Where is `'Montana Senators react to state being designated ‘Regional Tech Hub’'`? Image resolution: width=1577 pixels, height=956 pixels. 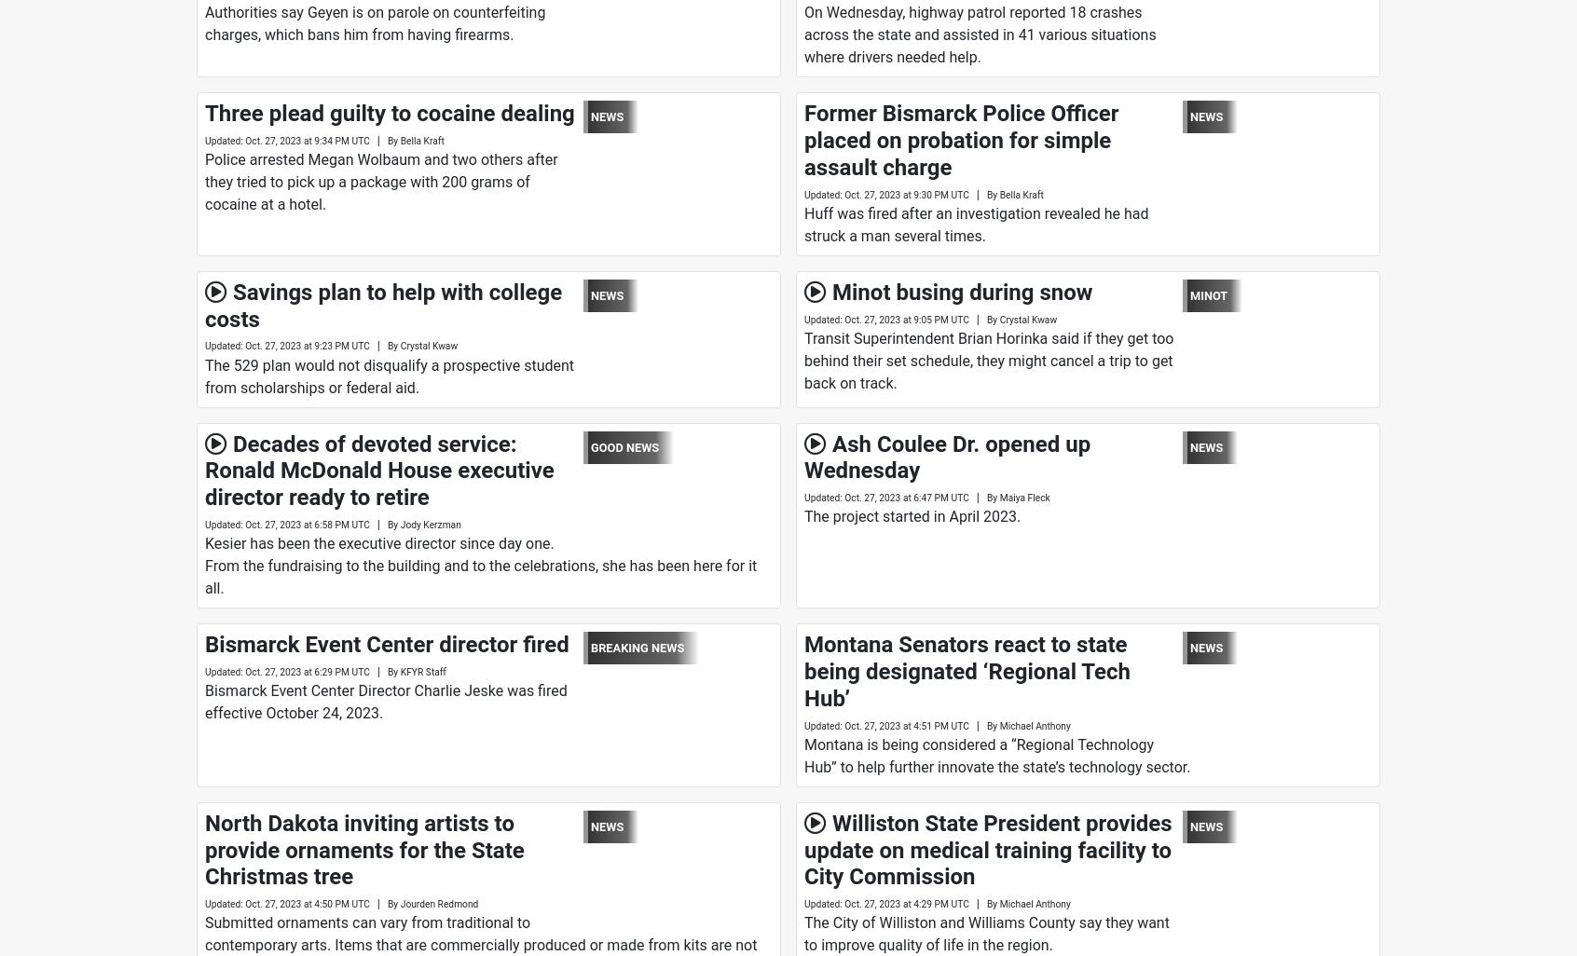
'Montana Senators react to state being designated ‘Regional Tech Hub’' is located at coordinates (967, 671).